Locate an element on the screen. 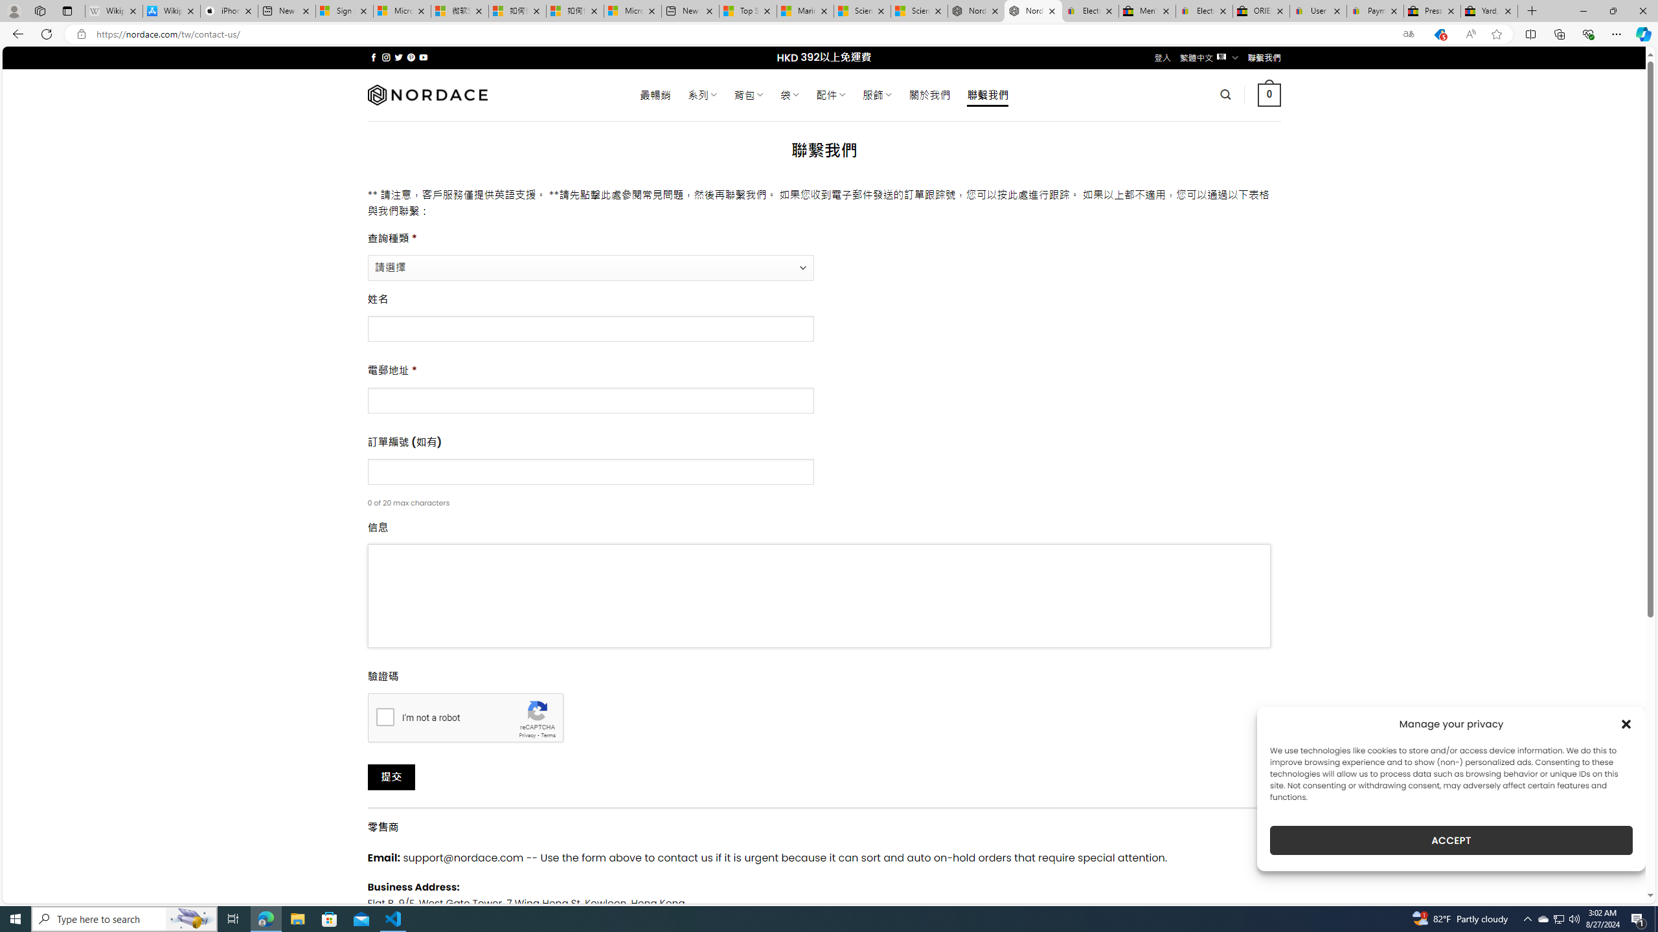 The width and height of the screenshot is (1658, 932). 'Microsoft account | Account Checkup' is located at coordinates (631, 10).